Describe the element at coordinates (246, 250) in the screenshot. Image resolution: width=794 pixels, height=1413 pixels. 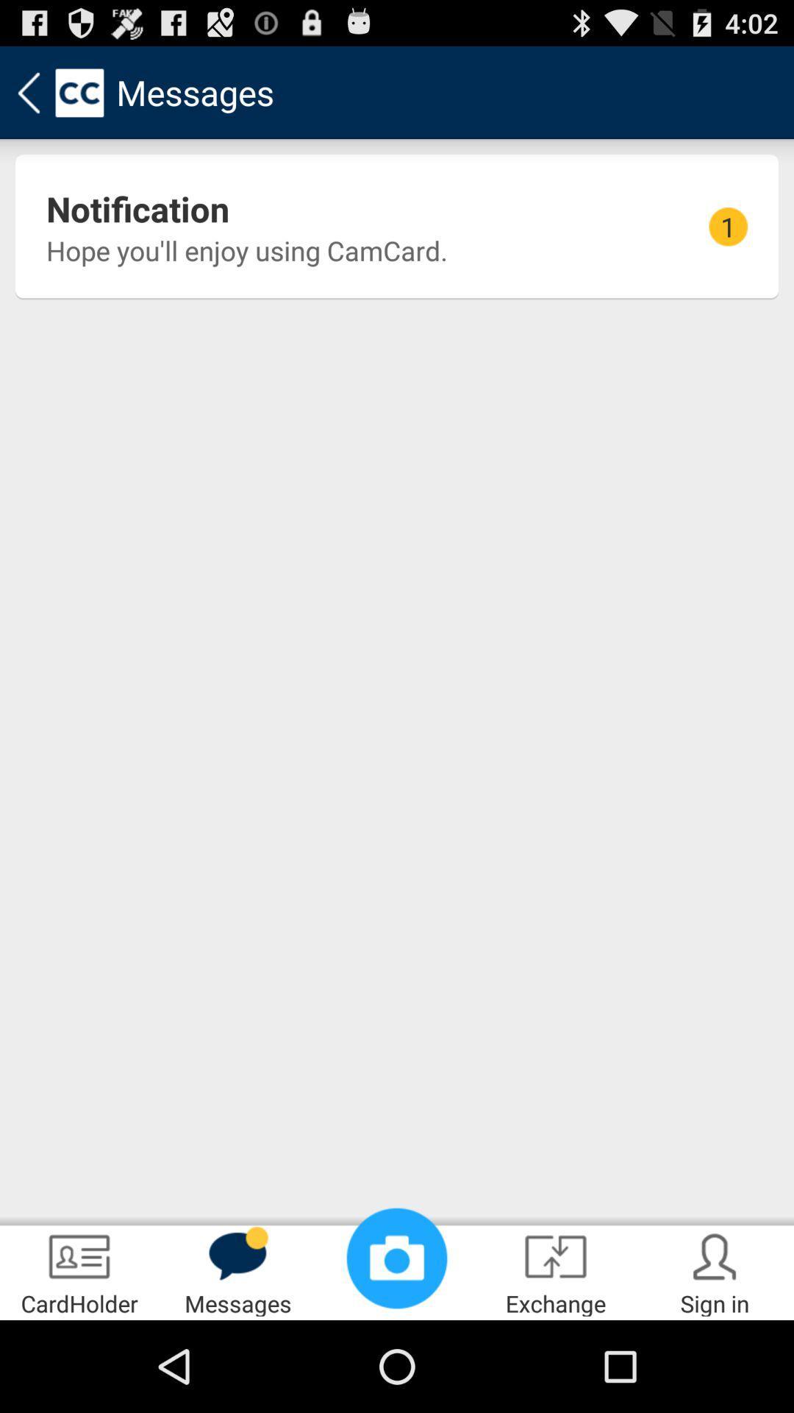
I see `icon to the left of the 1 item` at that location.